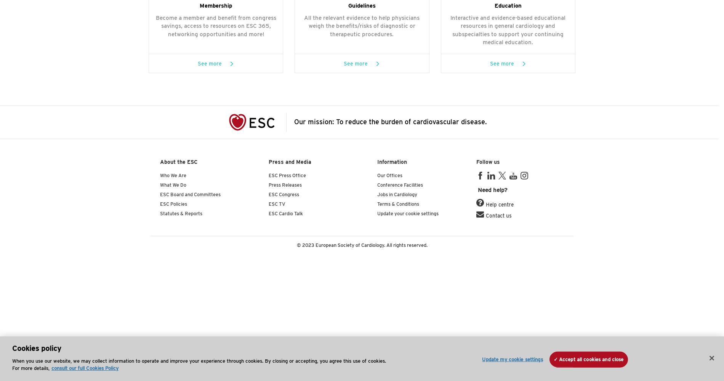 The width and height of the screenshot is (724, 381). Describe the element at coordinates (392, 162) in the screenshot. I see `'Information'` at that location.